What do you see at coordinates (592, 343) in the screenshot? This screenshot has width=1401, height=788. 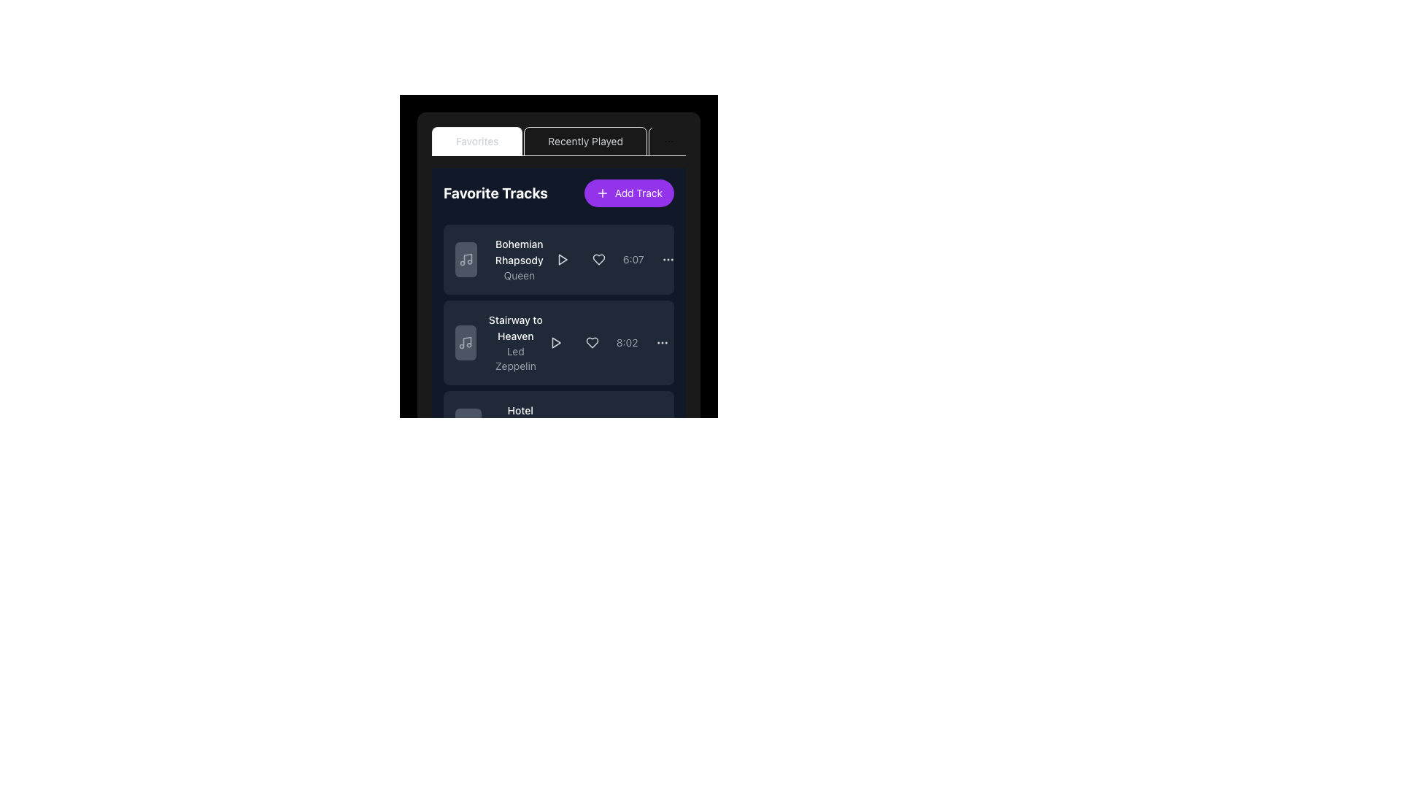 I see `the heart-shaped icon button next to the track 'Stairway to Heaven' by Led Zeppelin` at bounding box center [592, 343].